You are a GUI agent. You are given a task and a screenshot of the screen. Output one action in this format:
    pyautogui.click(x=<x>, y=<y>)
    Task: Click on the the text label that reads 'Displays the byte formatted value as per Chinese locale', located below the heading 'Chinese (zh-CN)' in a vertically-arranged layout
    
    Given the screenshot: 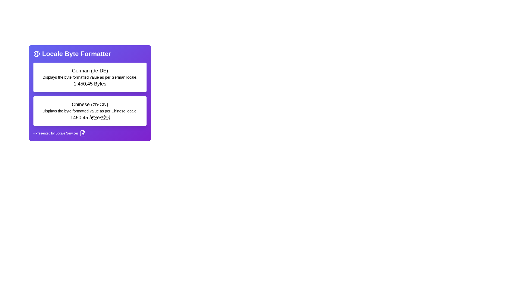 What is the action you would take?
    pyautogui.click(x=90, y=111)
    